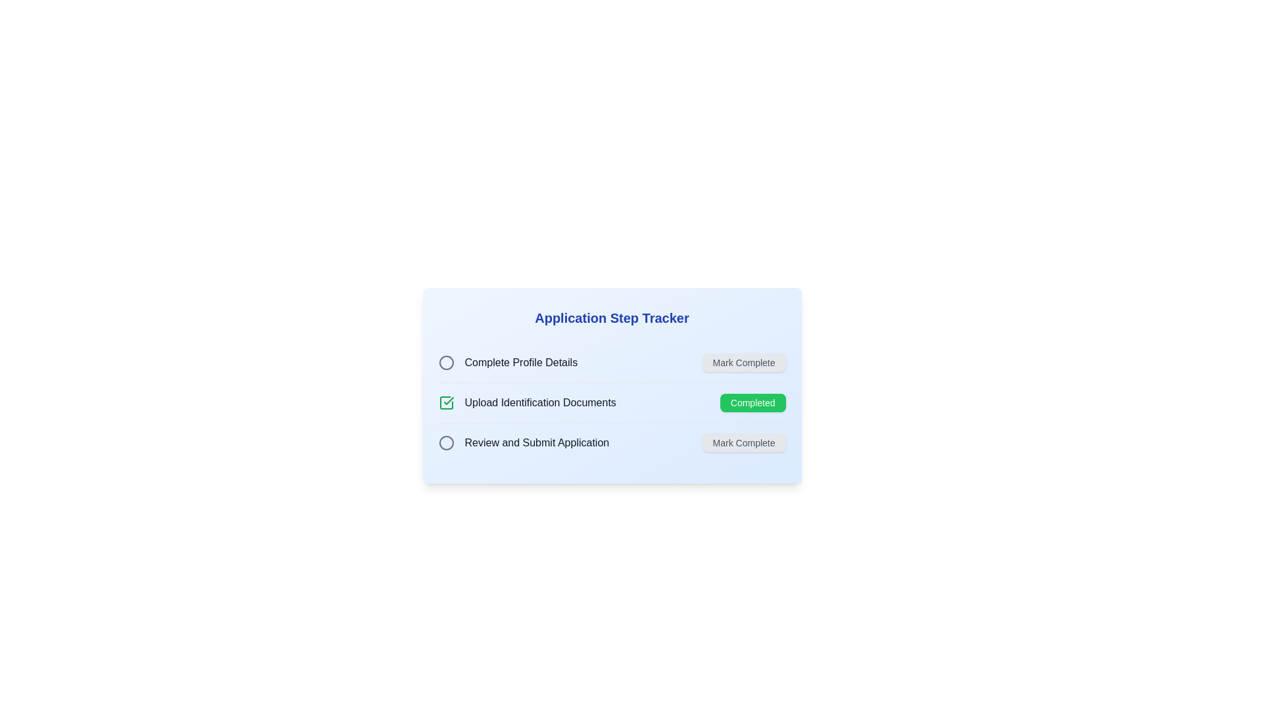 The width and height of the screenshot is (1263, 710). Describe the element at coordinates (527, 402) in the screenshot. I see `the Label displaying 'Upload Identification Documents' which is styled in dark gray and is located in the second row of the three-step process tracker, positioned left of the green 'Completed' button` at that location.